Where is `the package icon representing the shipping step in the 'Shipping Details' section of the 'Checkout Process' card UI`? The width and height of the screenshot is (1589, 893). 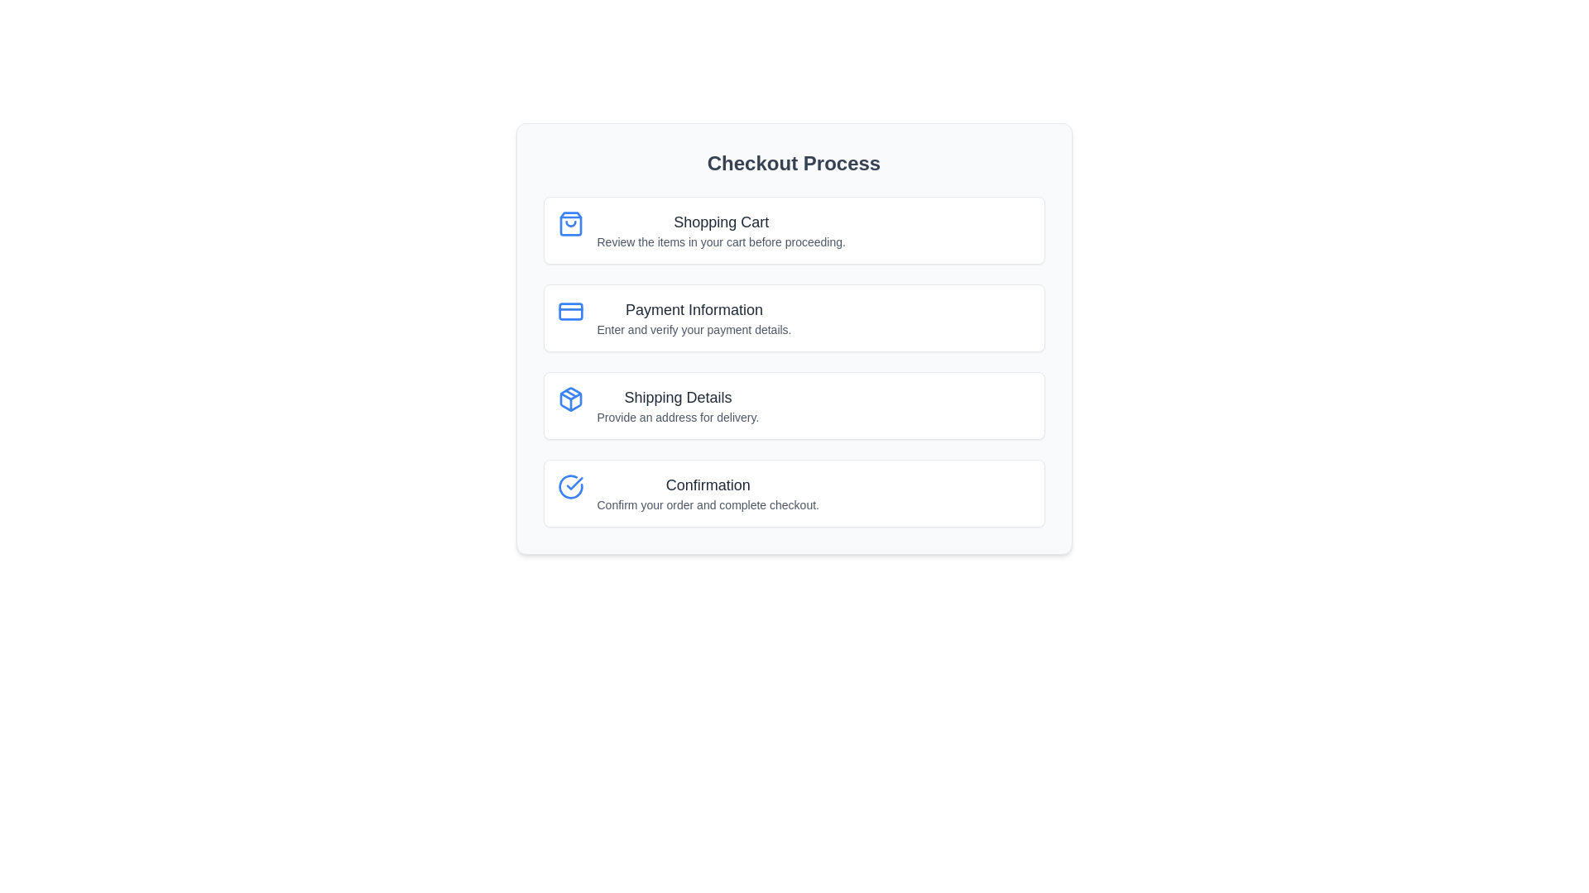
the package icon representing the shipping step in the 'Shipping Details' section of the 'Checkout Process' card UI is located at coordinates (570, 399).